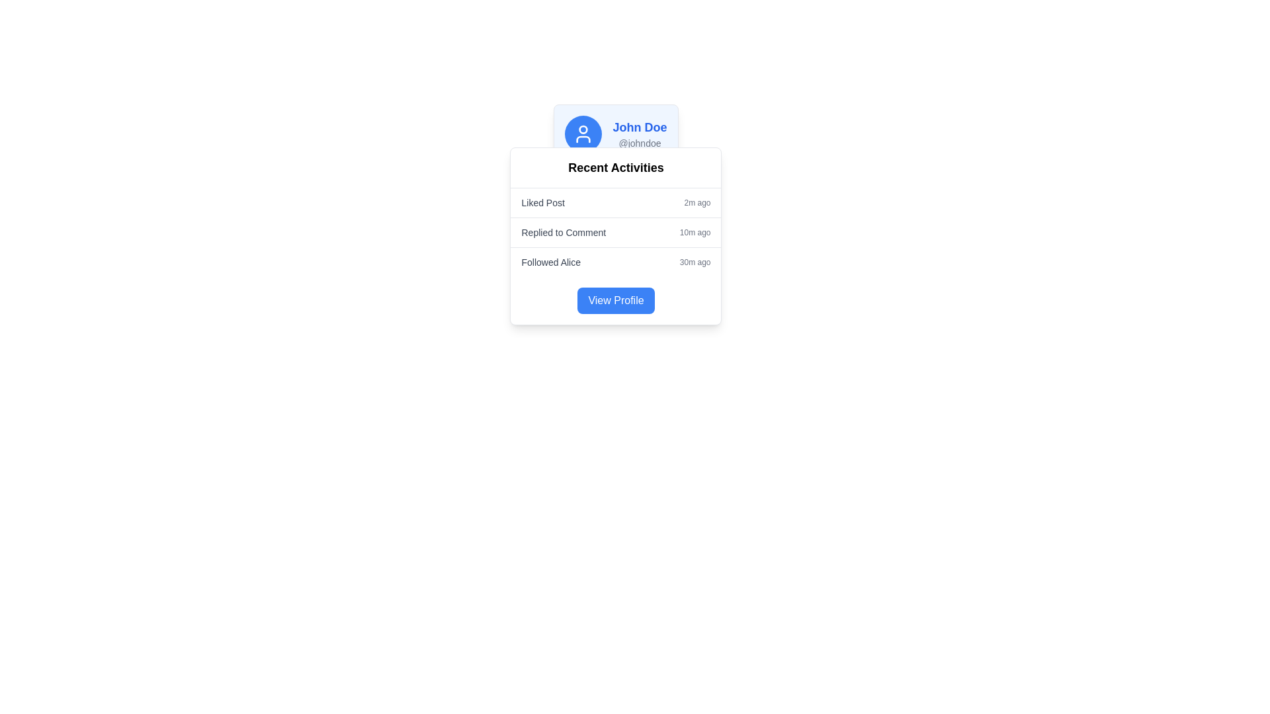 This screenshot has width=1270, height=714. Describe the element at coordinates (551, 262) in the screenshot. I see `the Text Label that provides contextual information about user activities, located in the 'Recent Activities' section, specifically to the left of the '30m ago' time indicator` at that location.